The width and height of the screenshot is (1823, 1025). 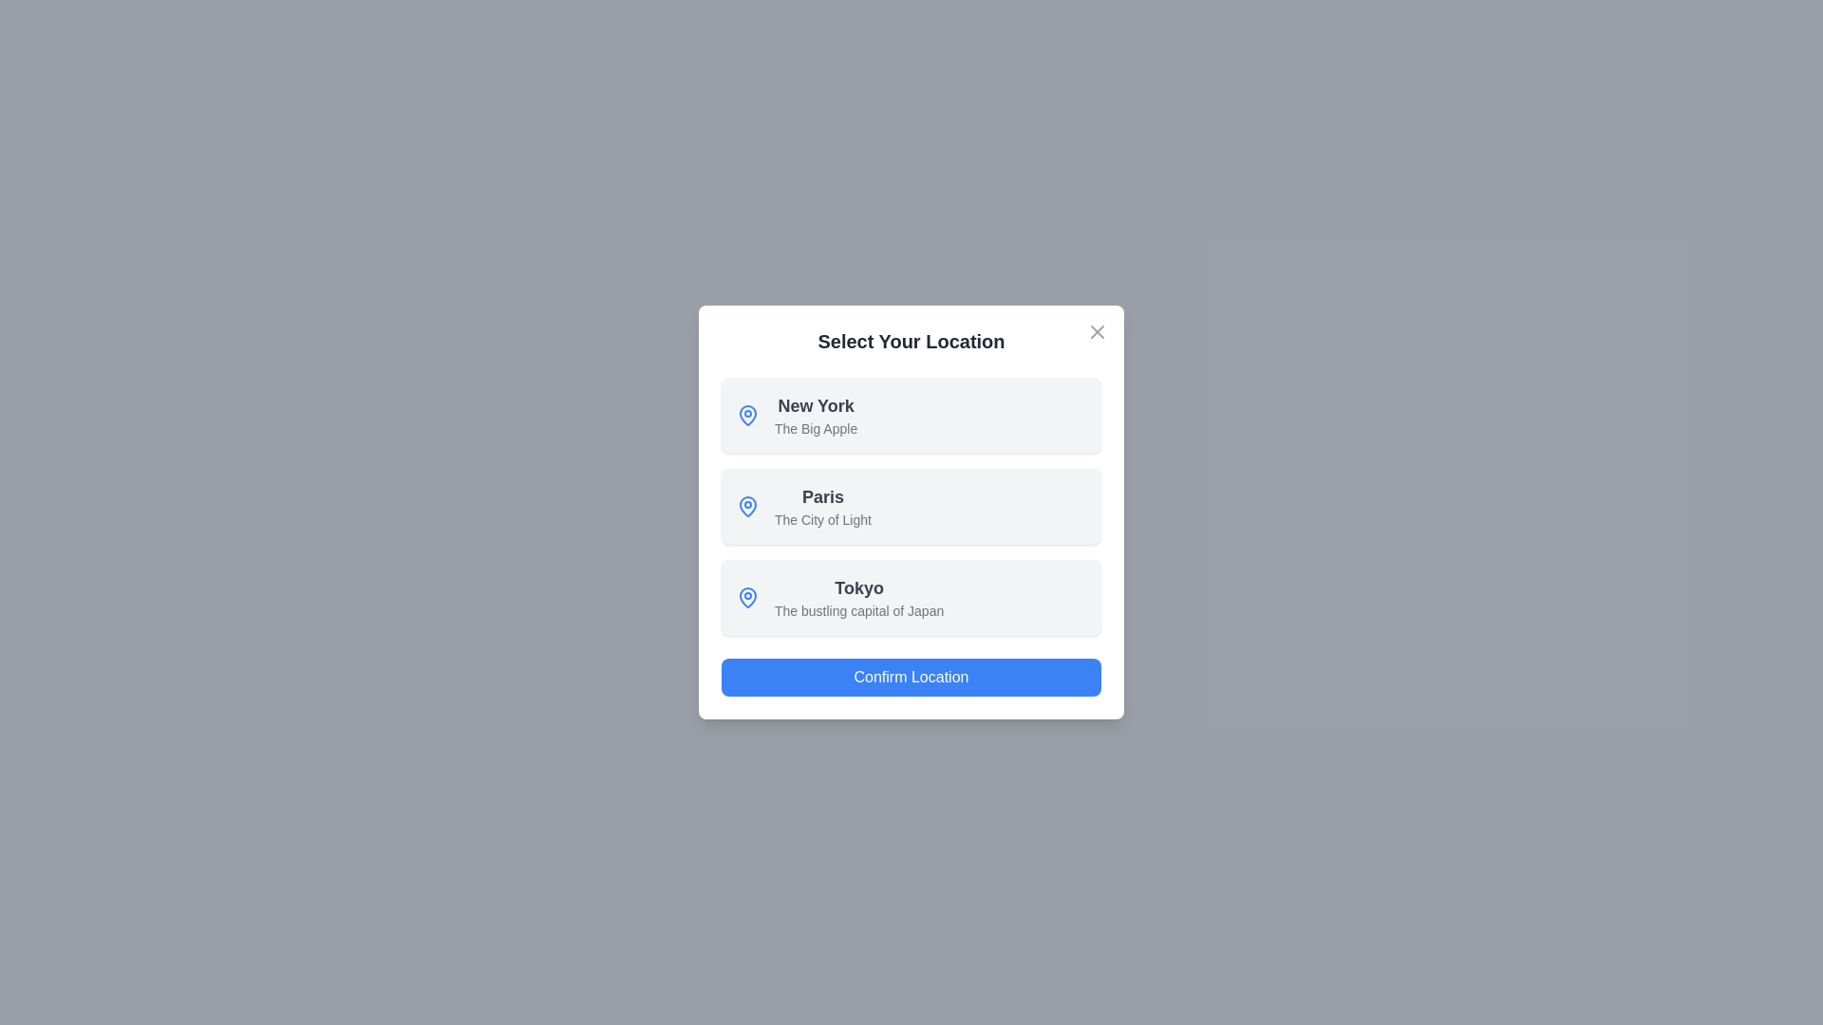 What do you see at coordinates (911, 505) in the screenshot?
I see `the location item corresponding to Paris` at bounding box center [911, 505].